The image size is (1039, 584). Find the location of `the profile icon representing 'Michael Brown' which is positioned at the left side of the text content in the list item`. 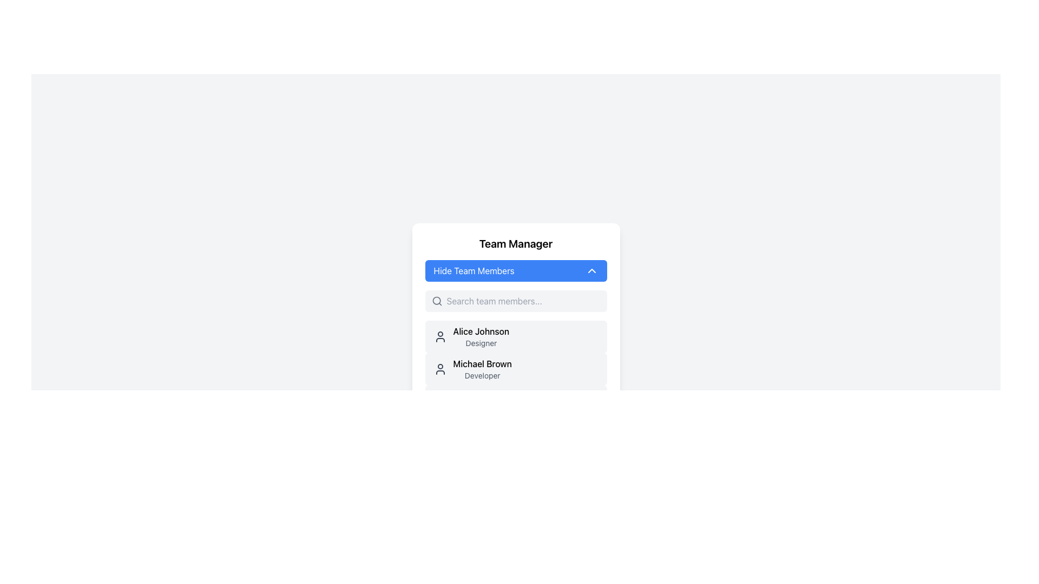

the profile icon representing 'Michael Brown' which is positioned at the left side of the text content in the list item is located at coordinates (440, 368).